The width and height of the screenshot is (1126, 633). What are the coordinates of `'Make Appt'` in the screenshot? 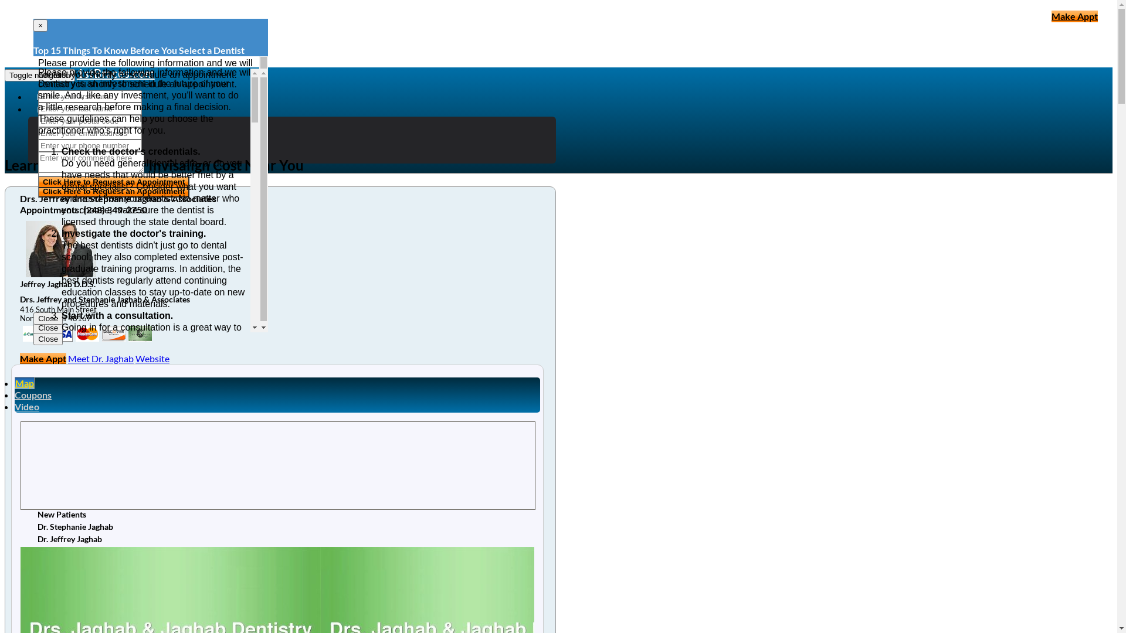 It's located at (43, 358).